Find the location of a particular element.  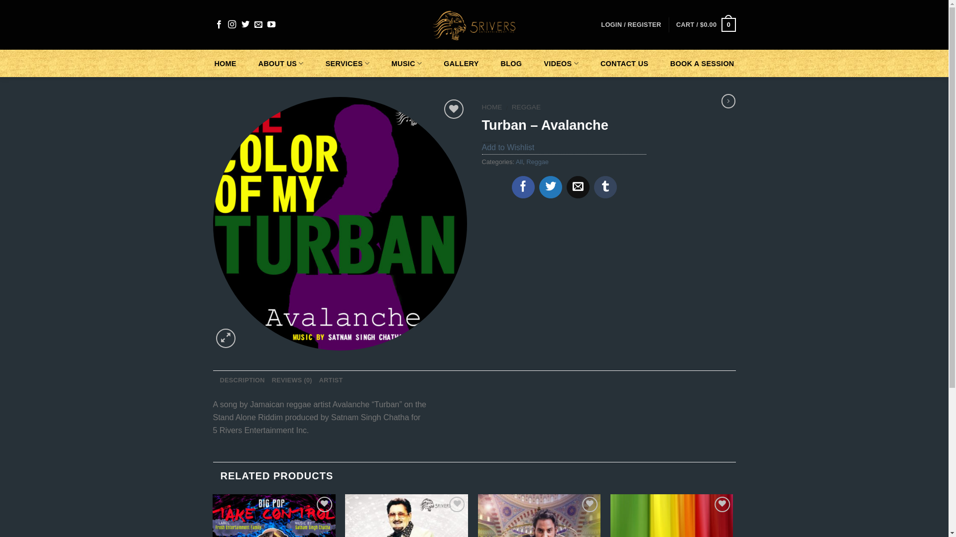

'5 Rivers - Entertainment INC' is located at coordinates (473, 24).